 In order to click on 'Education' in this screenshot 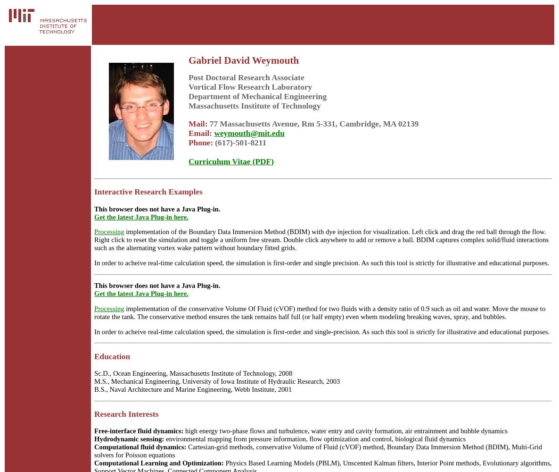, I will do `click(112, 356)`.